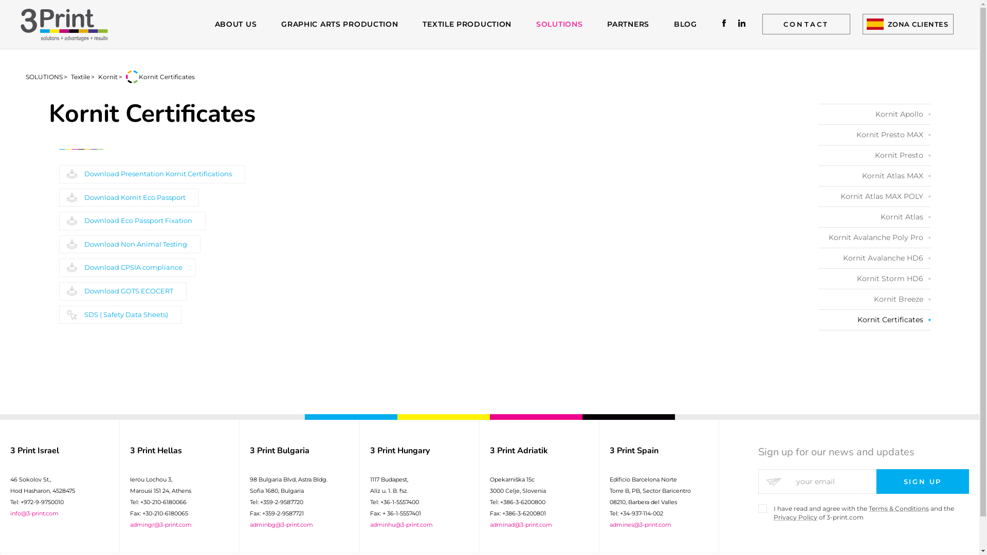 The height and width of the screenshot is (555, 987). Describe the element at coordinates (724, 23) in the screenshot. I see `'Join us on Facebook'` at that location.